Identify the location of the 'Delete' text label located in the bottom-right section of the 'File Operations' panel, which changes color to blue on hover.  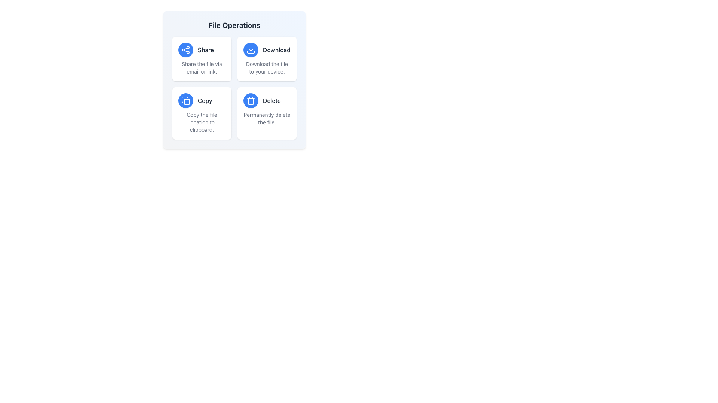
(271, 101).